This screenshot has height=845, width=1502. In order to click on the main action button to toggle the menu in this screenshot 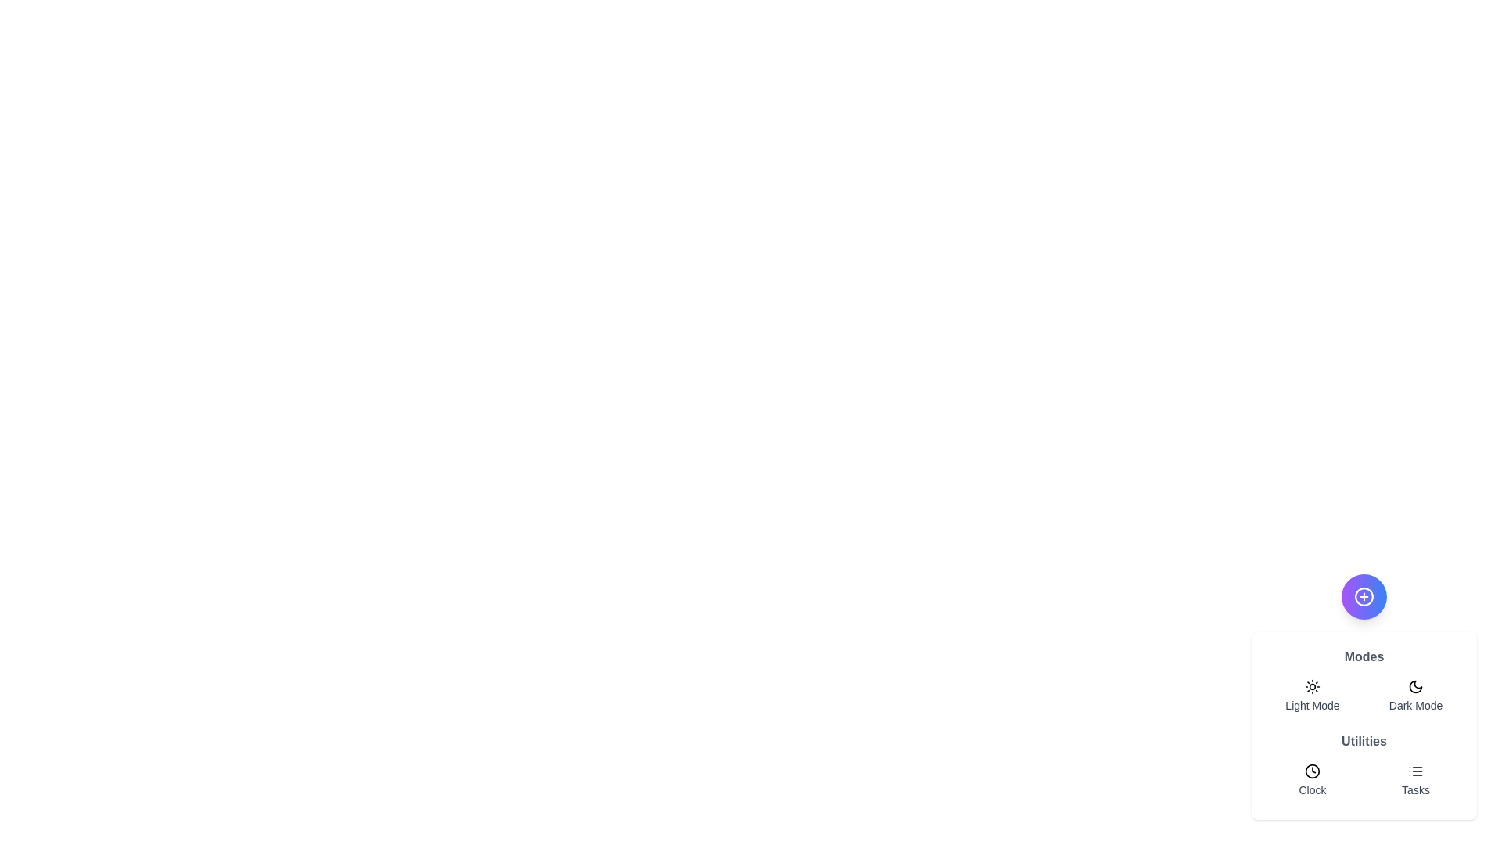, I will do `click(1363, 597)`.